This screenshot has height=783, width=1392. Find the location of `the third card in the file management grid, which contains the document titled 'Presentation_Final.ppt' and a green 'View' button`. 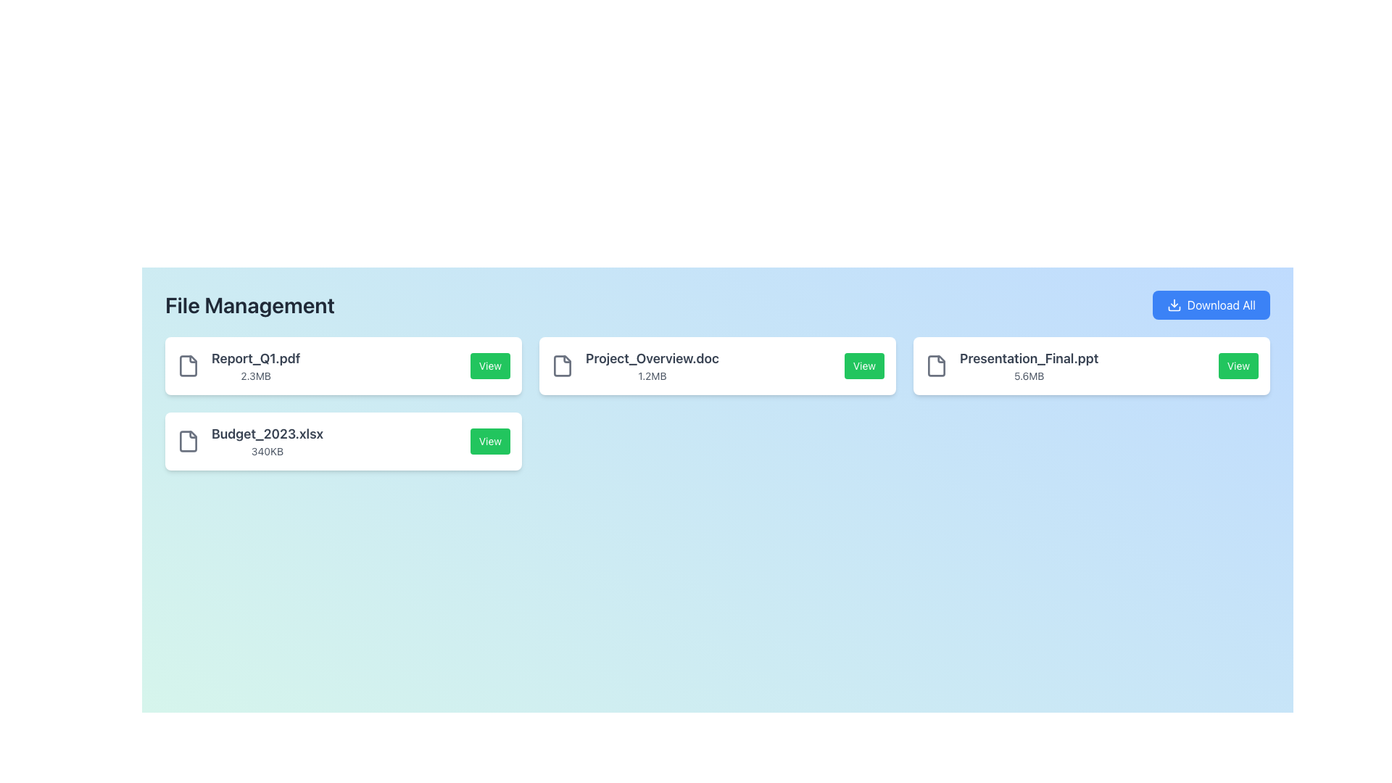

the third card in the file management grid, which contains the document titled 'Presentation_Final.ppt' and a green 'View' button is located at coordinates (1092, 365).